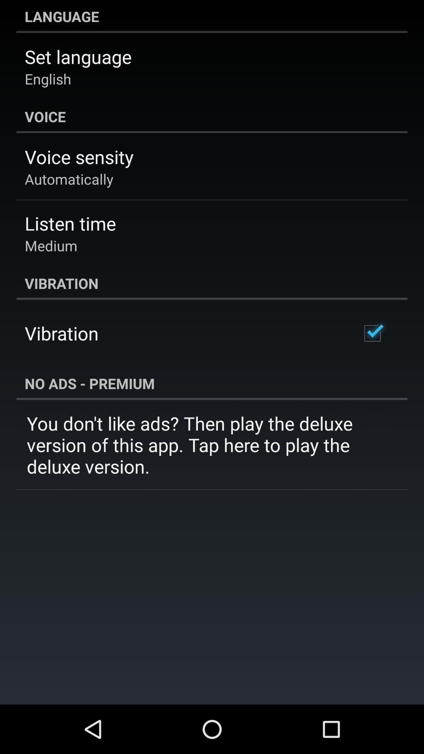  Describe the element at coordinates (372, 333) in the screenshot. I see `the app above no ads - premium item` at that location.